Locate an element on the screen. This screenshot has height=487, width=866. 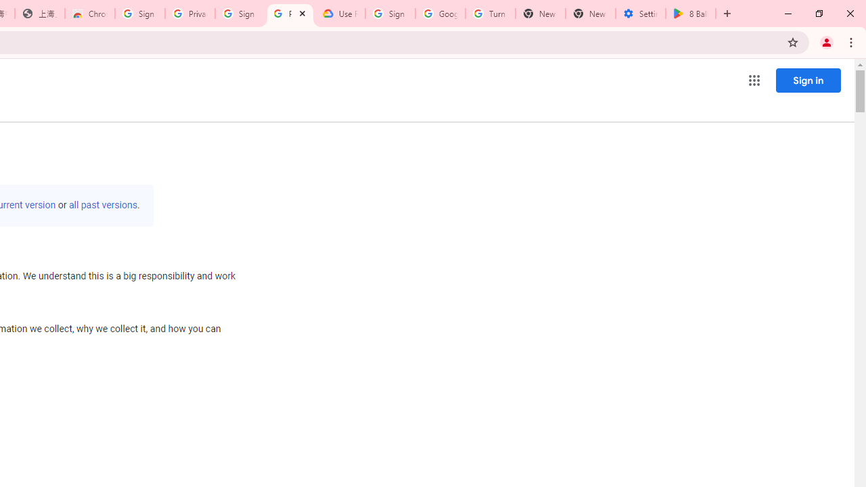
'all past versions' is located at coordinates (102, 205).